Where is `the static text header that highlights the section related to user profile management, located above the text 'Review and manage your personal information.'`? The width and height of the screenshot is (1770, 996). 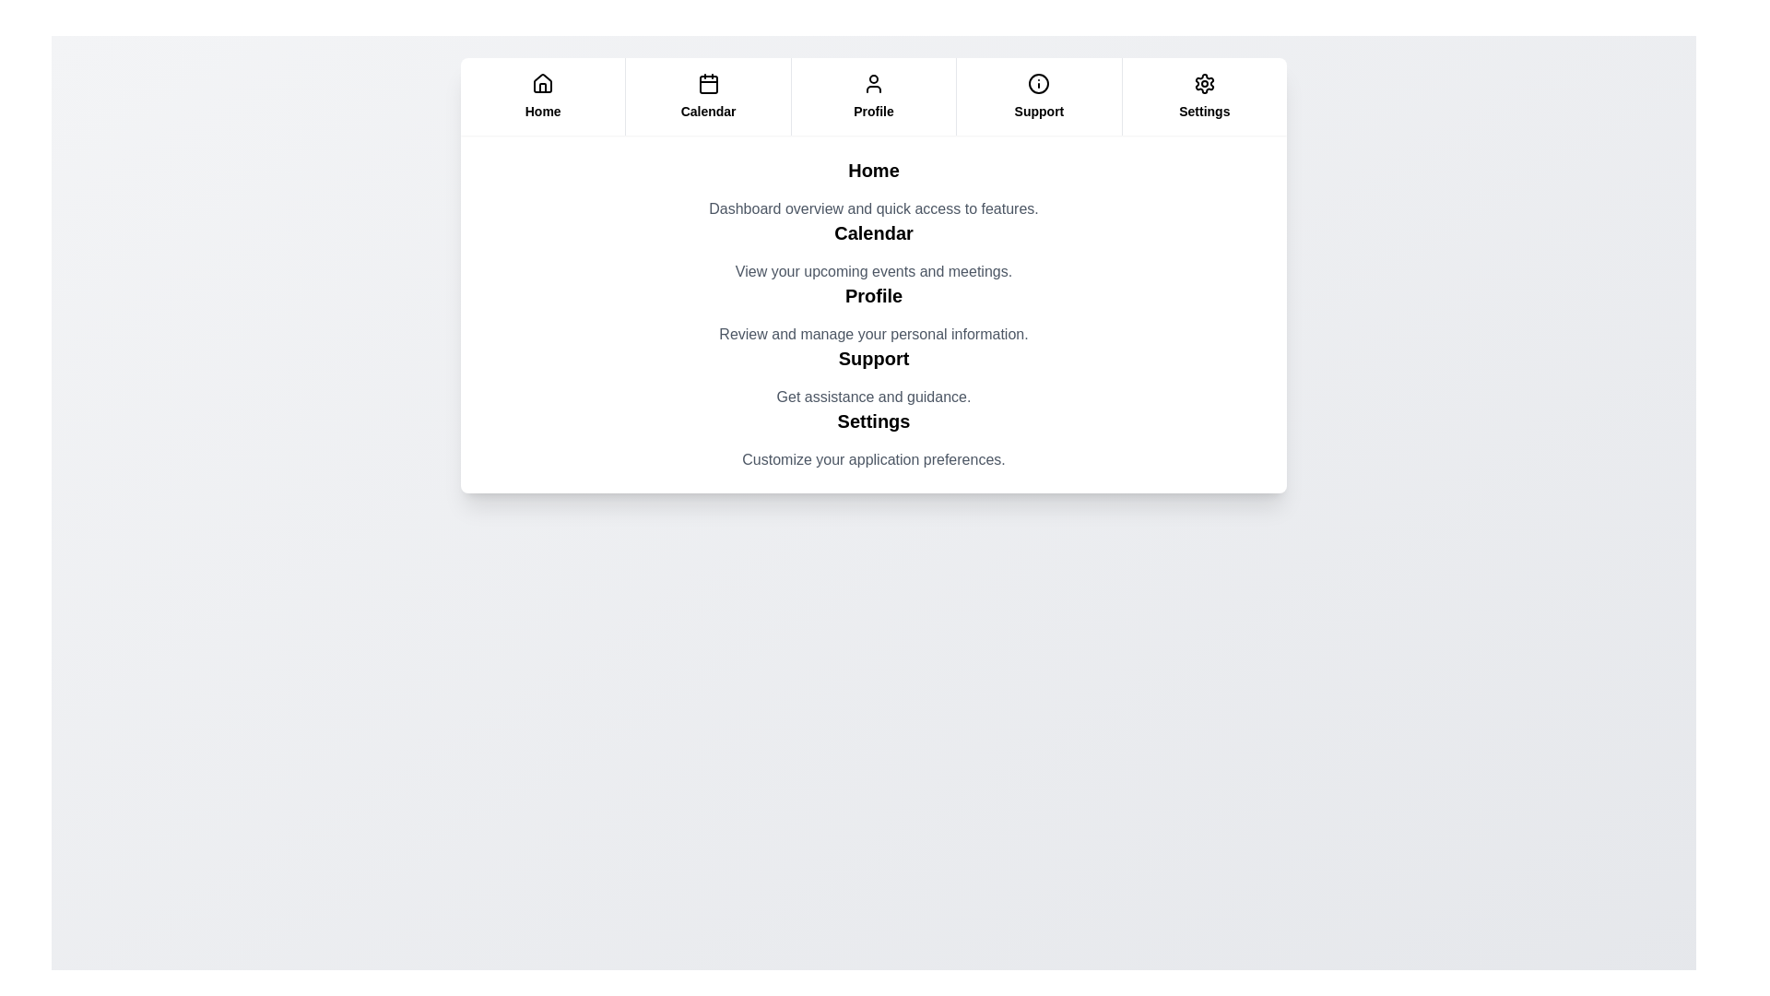
the static text header that highlights the section related to user profile management, located above the text 'Review and manage your personal information.' is located at coordinates (873, 294).